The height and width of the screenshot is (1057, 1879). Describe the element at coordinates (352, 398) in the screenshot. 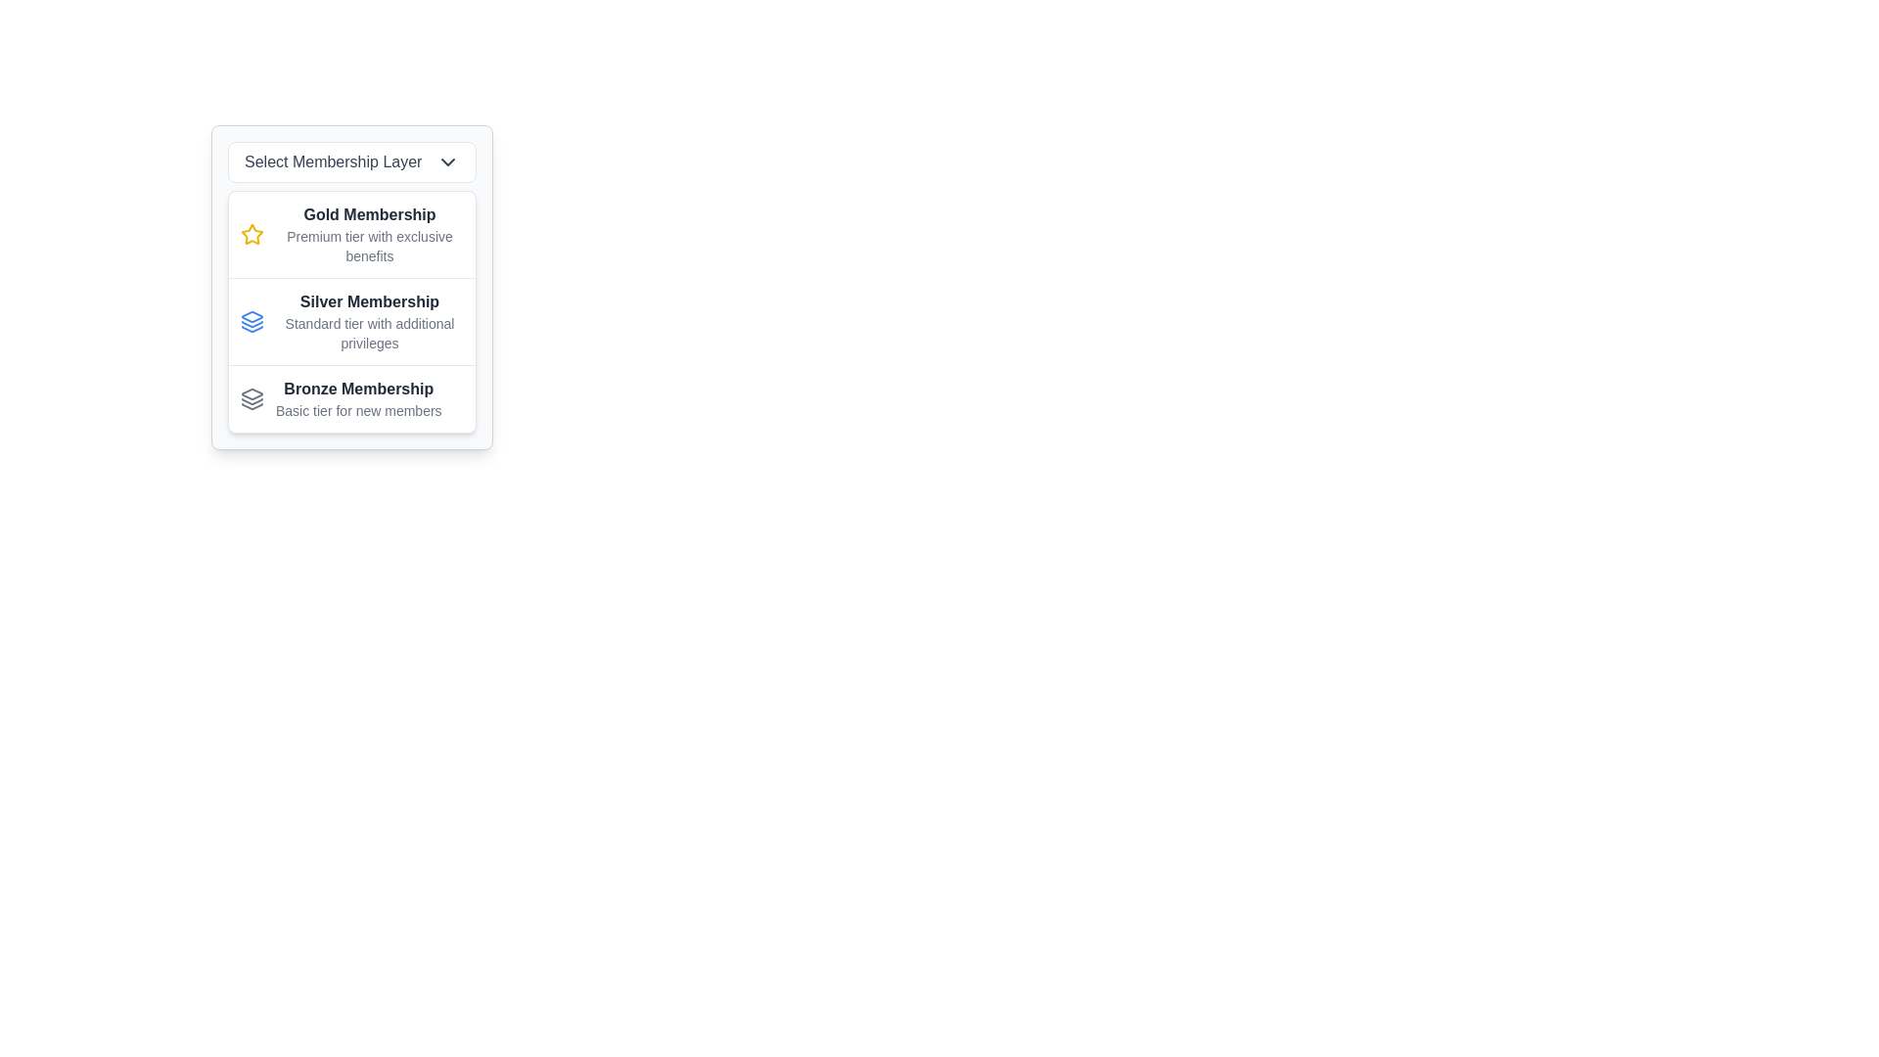

I see `the 'Bronze Membership' option in the vertically stacked list` at that location.